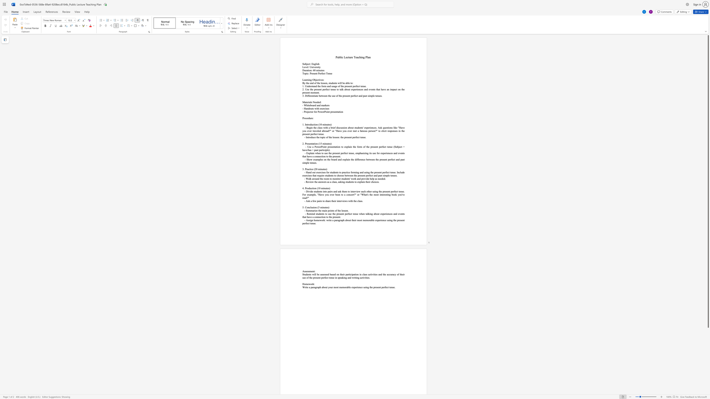  Describe the element at coordinates (312, 271) in the screenshot. I see `the space between the continuous character "e" and "n" in the text` at that location.